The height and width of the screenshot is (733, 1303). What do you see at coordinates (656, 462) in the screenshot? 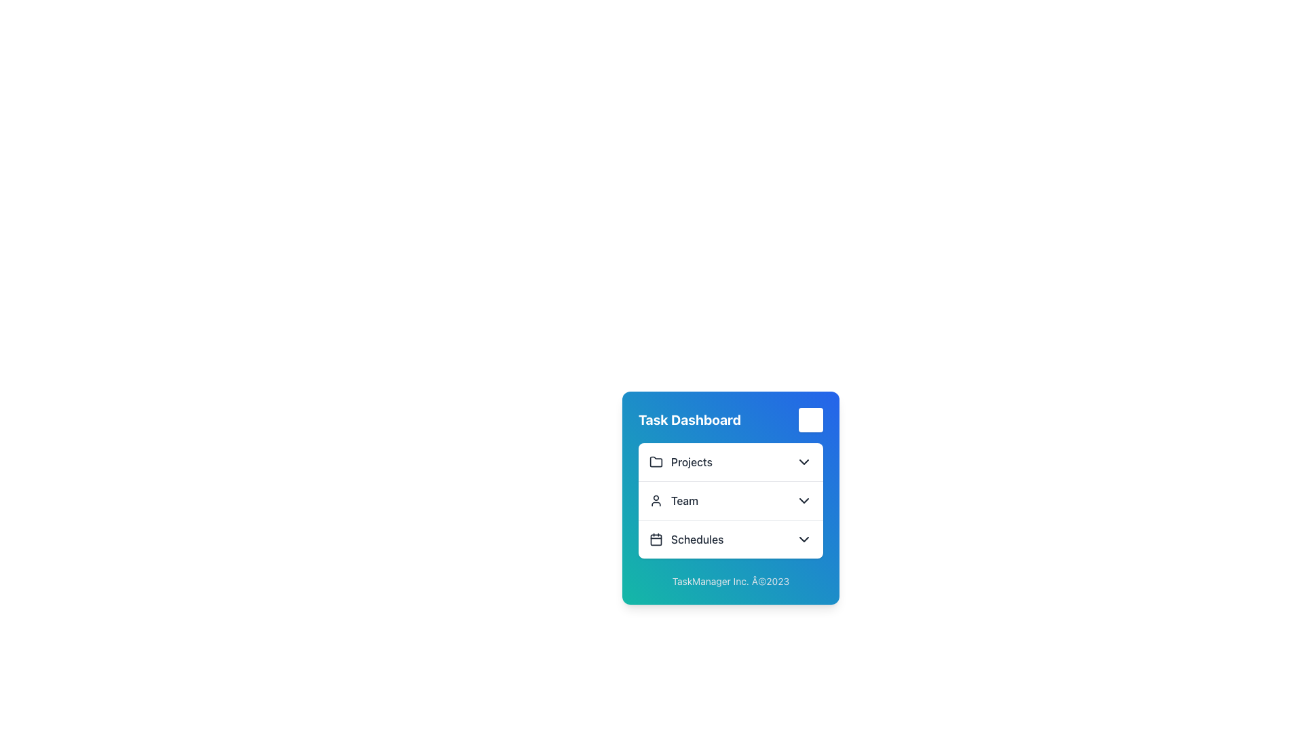
I see `the folder icon located in the 'Projects' section of the Task Dashboard, positioned to the left of the 'Projects' label` at bounding box center [656, 462].